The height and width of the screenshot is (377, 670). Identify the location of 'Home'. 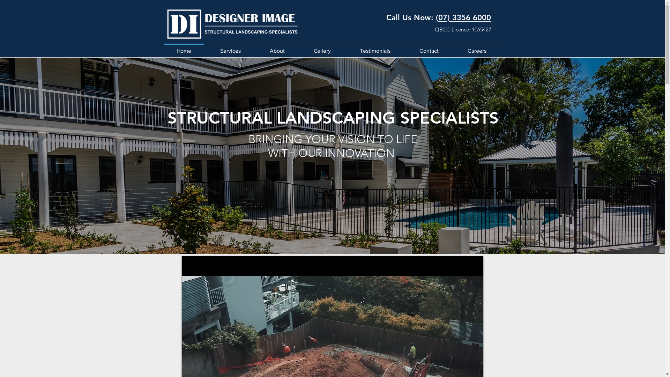
(184, 47).